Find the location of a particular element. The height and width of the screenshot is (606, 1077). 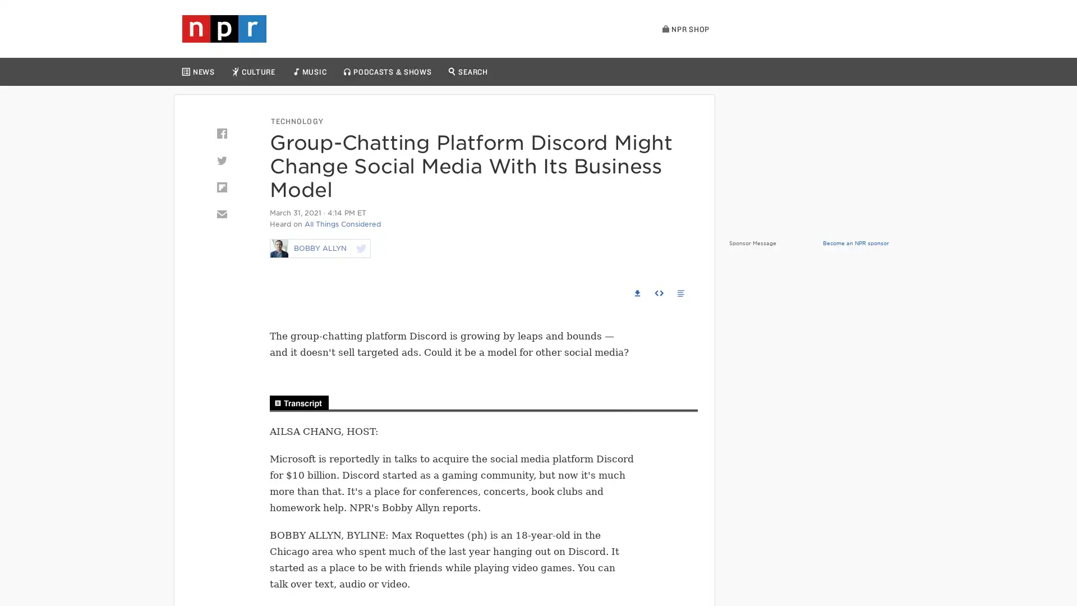

LISTEN 3:37 is located at coordinates (287, 292).